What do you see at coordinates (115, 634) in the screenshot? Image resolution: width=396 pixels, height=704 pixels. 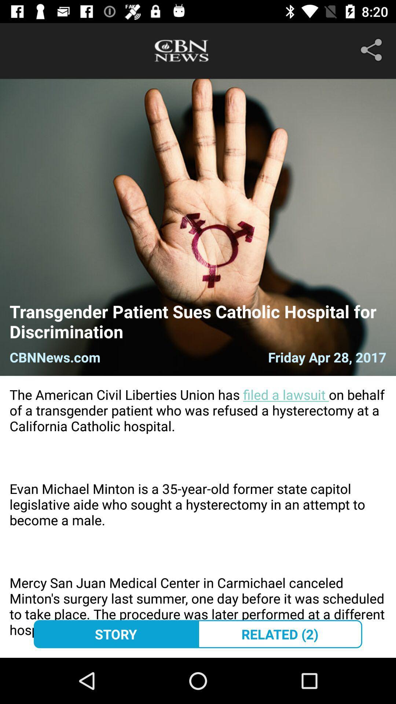 I see `item at the bottom left corner` at bounding box center [115, 634].